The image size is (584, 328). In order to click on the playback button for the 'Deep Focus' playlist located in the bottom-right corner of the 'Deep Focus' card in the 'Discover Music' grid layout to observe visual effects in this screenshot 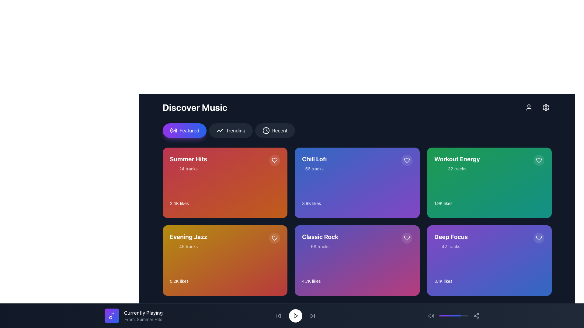, I will do `click(537, 290)`.